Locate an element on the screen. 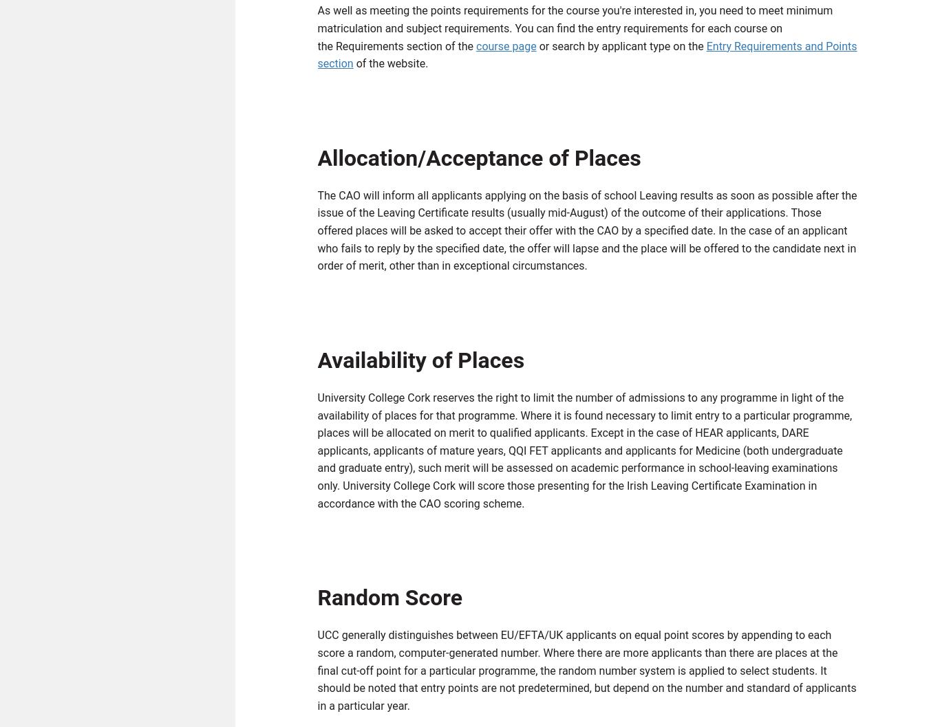 The height and width of the screenshot is (727, 940). 'of the website.' is located at coordinates (390, 66).